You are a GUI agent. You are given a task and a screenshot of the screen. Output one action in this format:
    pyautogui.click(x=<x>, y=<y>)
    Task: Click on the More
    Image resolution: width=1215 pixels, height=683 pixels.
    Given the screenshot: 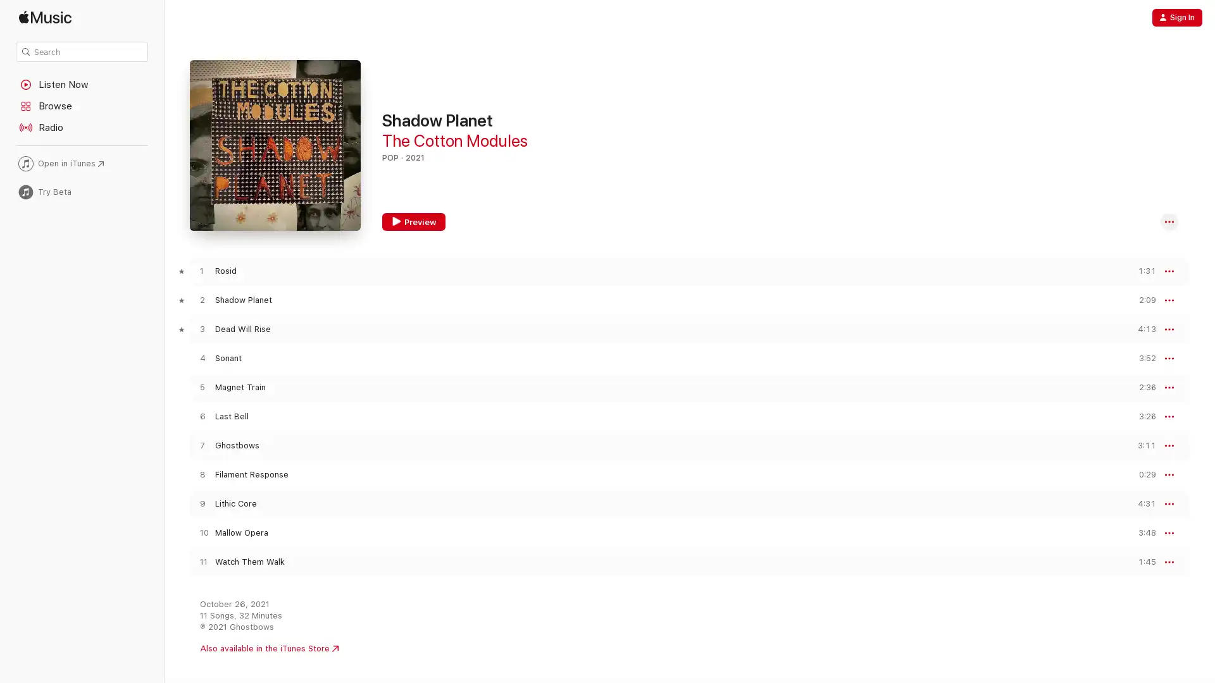 What is the action you would take?
    pyautogui.click(x=1169, y=561)
    